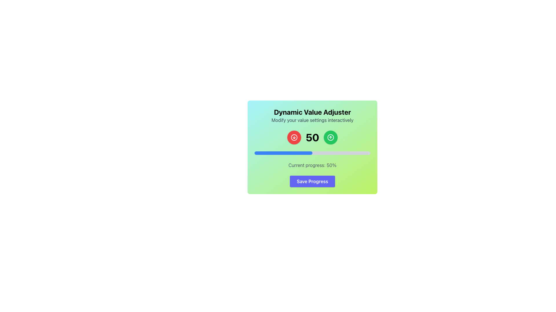 This screenshot has height=312, width=556. I want to click on the static text displaying the current state of the setting or counter in the 'Dynamic Value Adjuster' card, positioned between a red downward action button and a green upward action button, so click(312, 137).